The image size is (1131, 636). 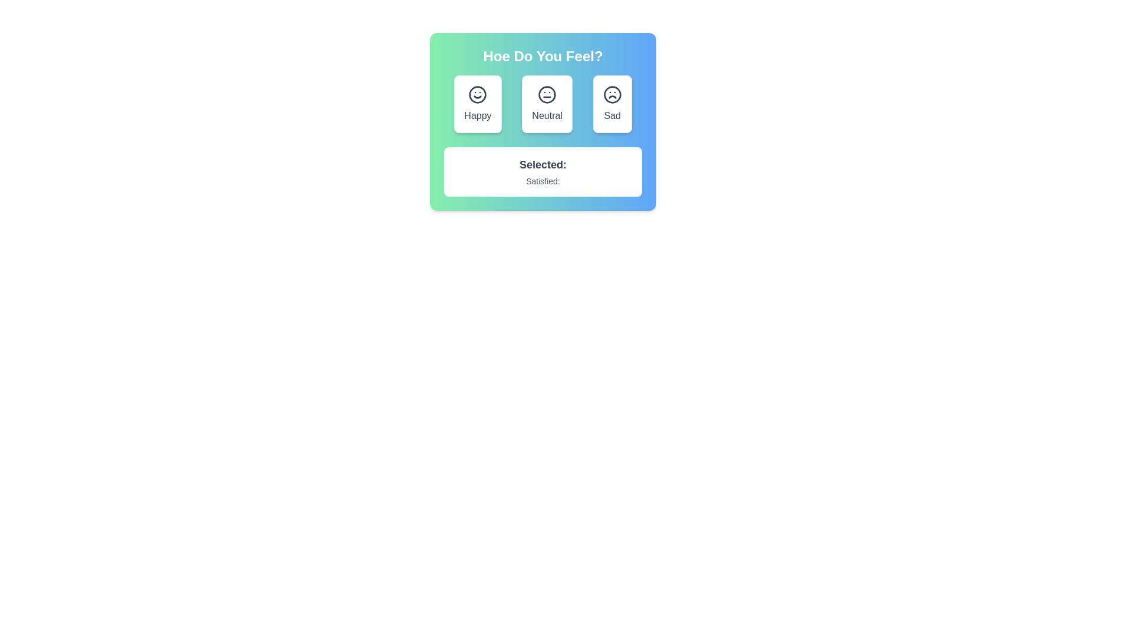 I want to click on the text 'How Do You Feel?' to select it, so click(x=542, y=57).